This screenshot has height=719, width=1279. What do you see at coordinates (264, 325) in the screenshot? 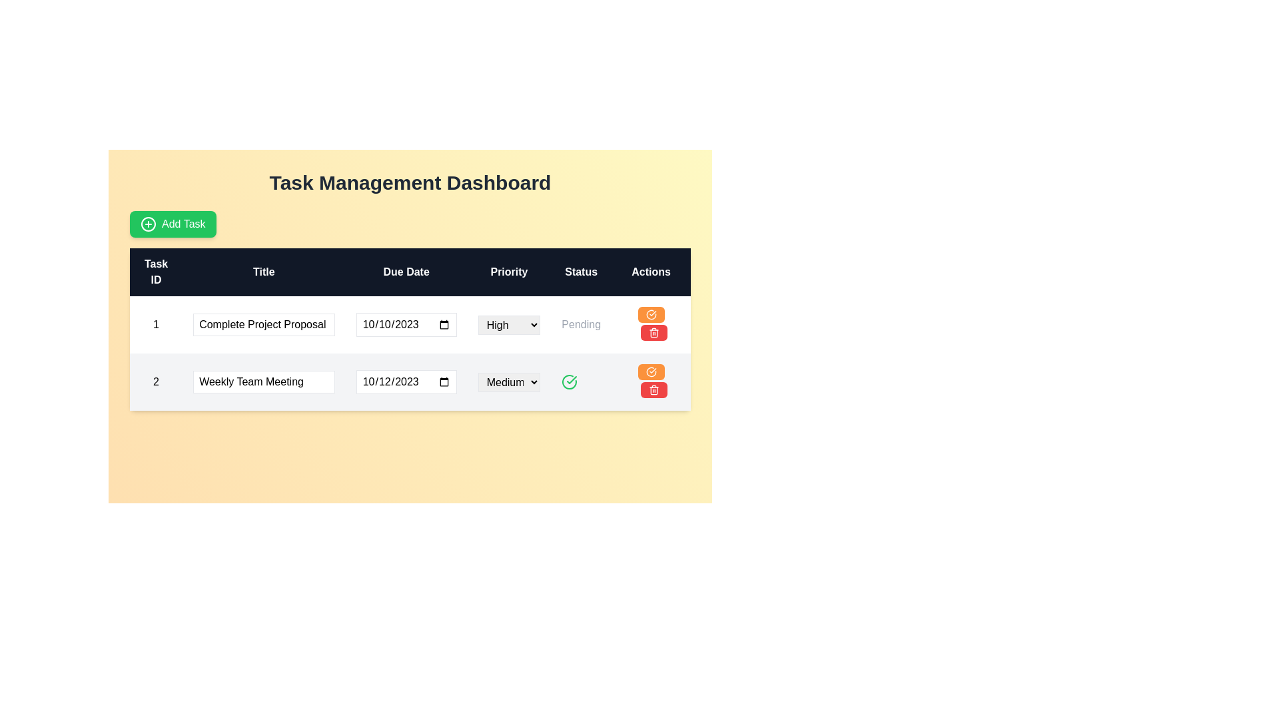
I see `the text in the text input field labeled 'Complete Project Proposal', which is located in the 'Title' column of the first row of the task management table` at bounding box center [264, 325].